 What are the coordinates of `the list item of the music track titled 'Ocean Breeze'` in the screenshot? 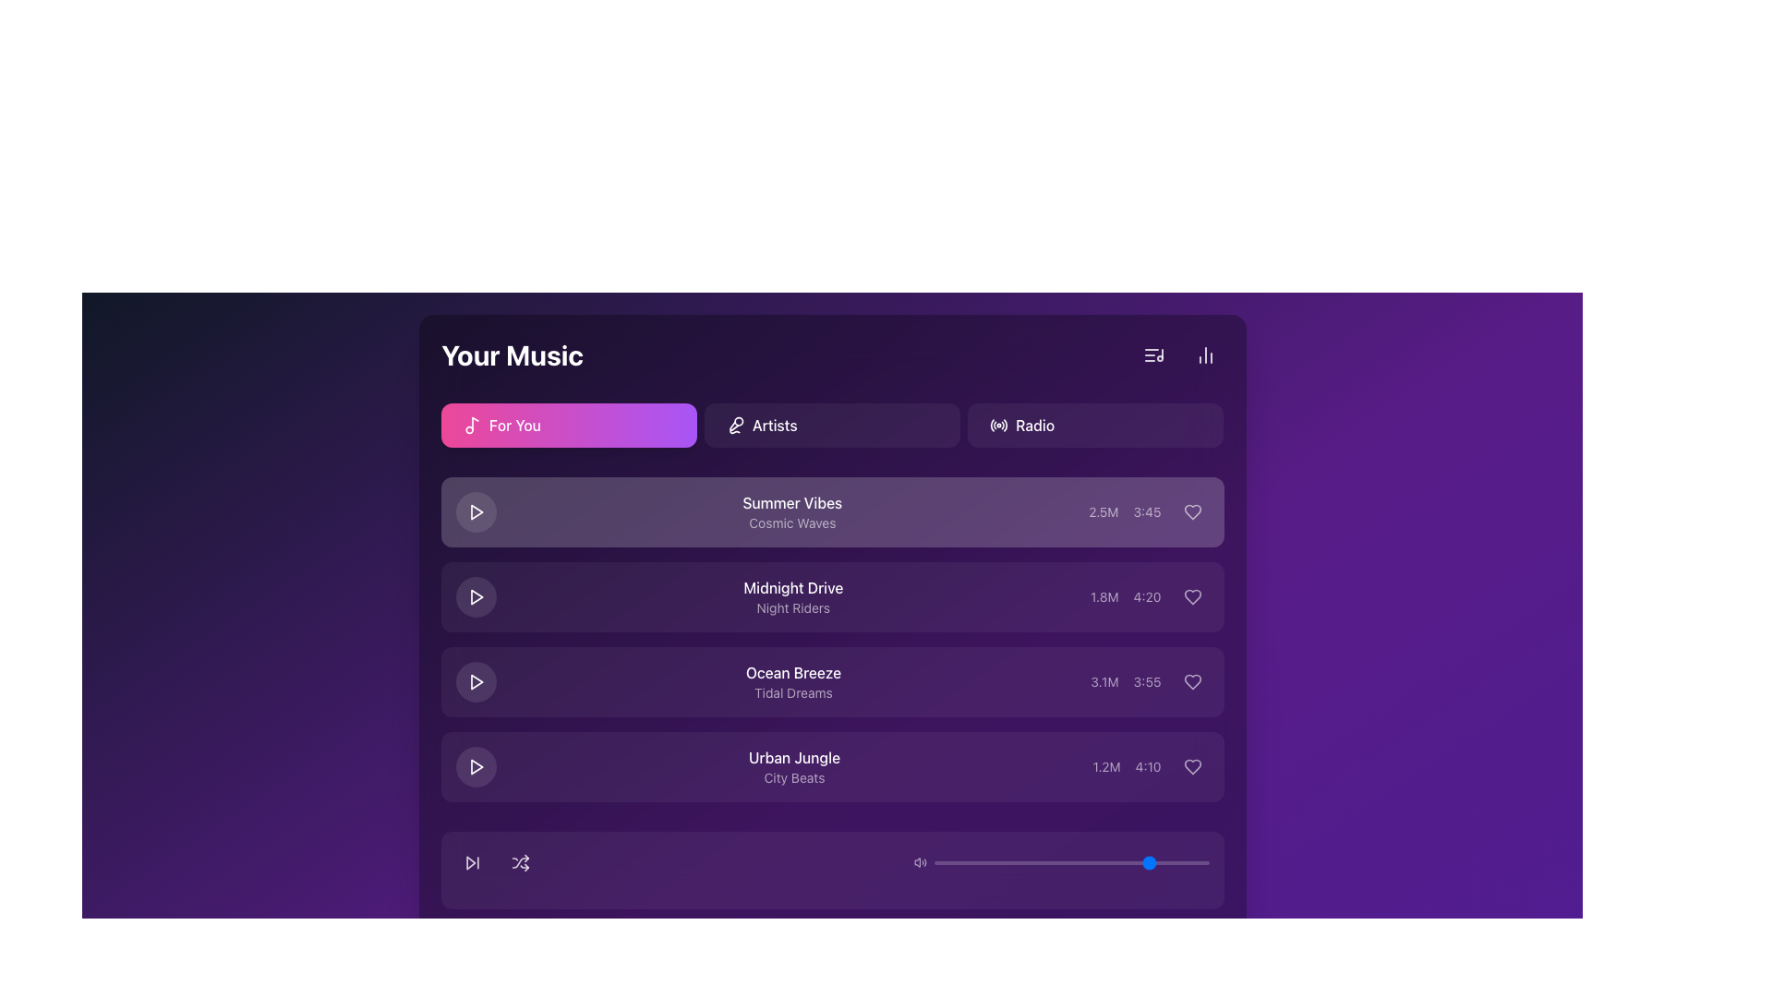 It's located at (831, 682).